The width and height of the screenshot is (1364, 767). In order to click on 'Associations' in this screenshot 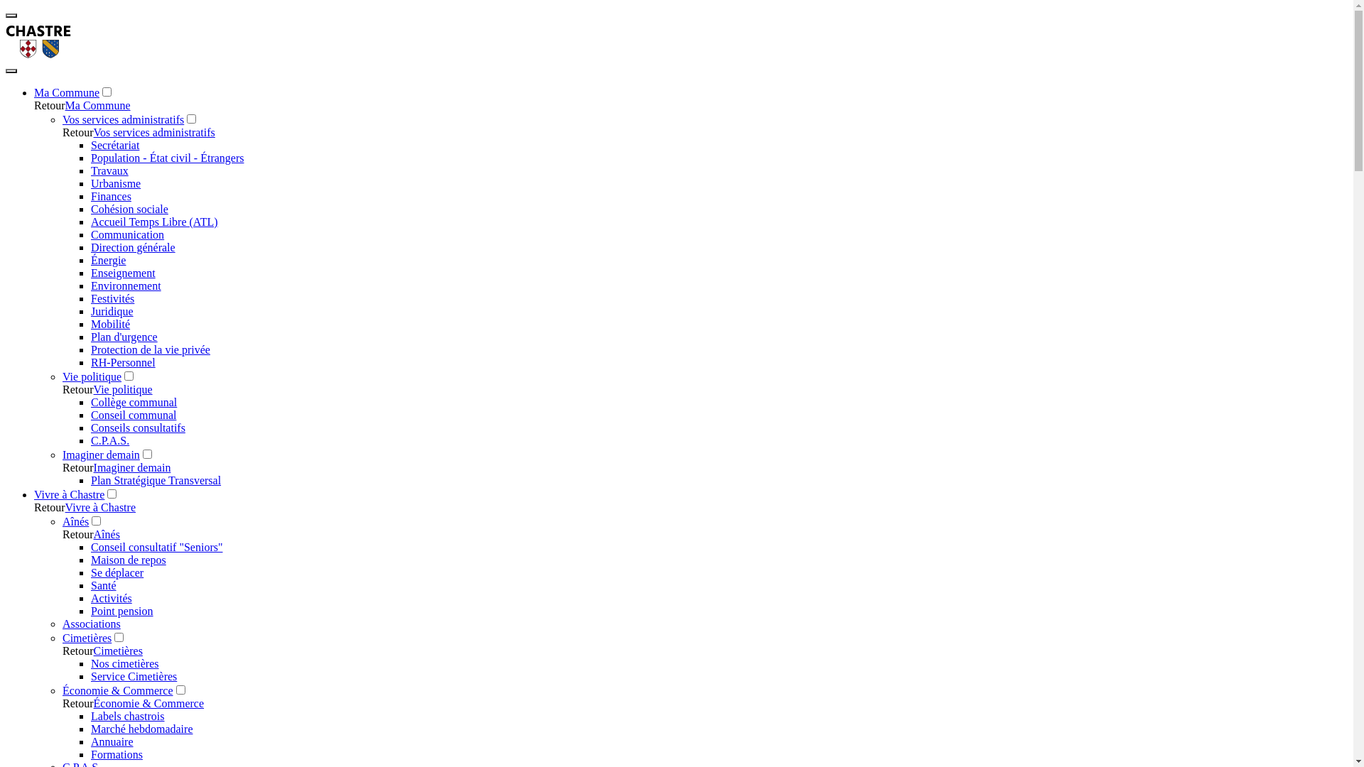, I will do `click(61, 623)`.